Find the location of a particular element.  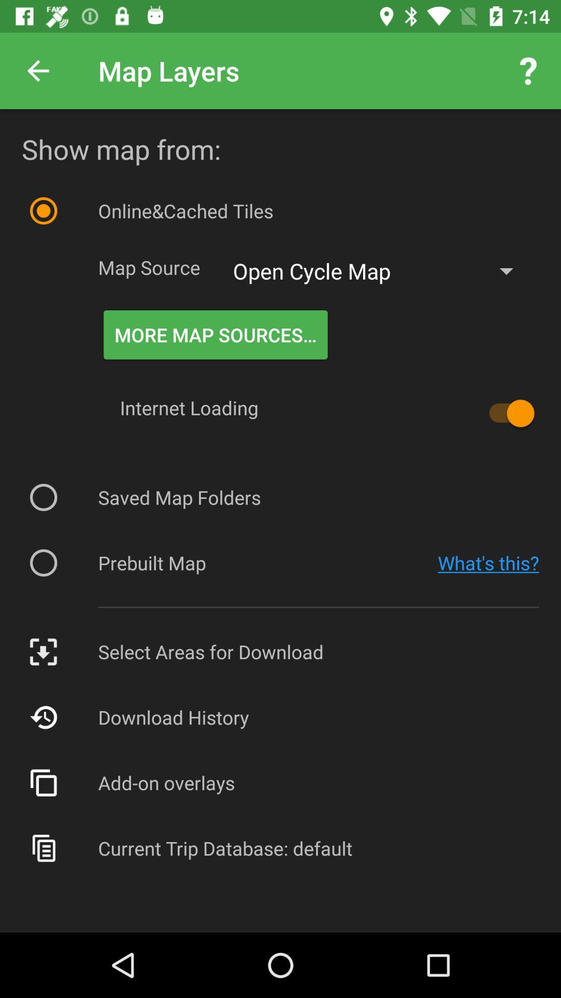

item above show map from: is located at coordinates (528, 70).